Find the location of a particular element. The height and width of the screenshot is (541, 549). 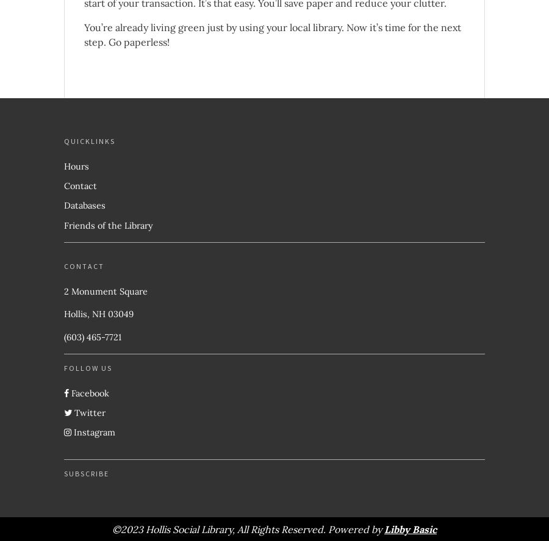

'Databases' is located at coordinates (84, 205).